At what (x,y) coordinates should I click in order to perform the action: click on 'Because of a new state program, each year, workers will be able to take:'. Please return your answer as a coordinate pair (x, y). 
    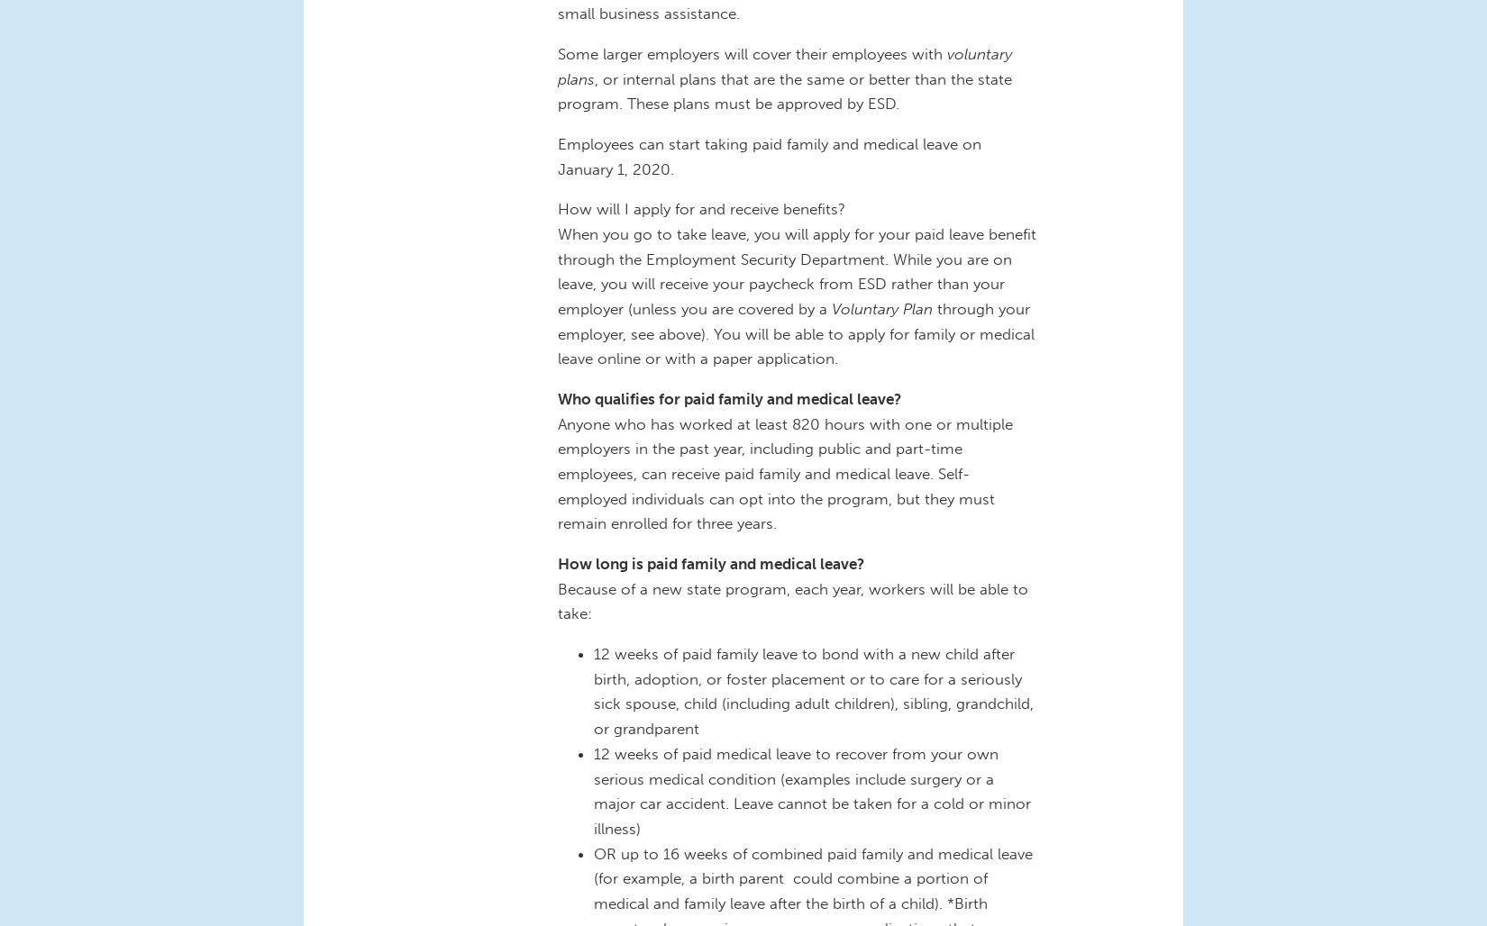
    Looking at the image, I should click on (792, 600).